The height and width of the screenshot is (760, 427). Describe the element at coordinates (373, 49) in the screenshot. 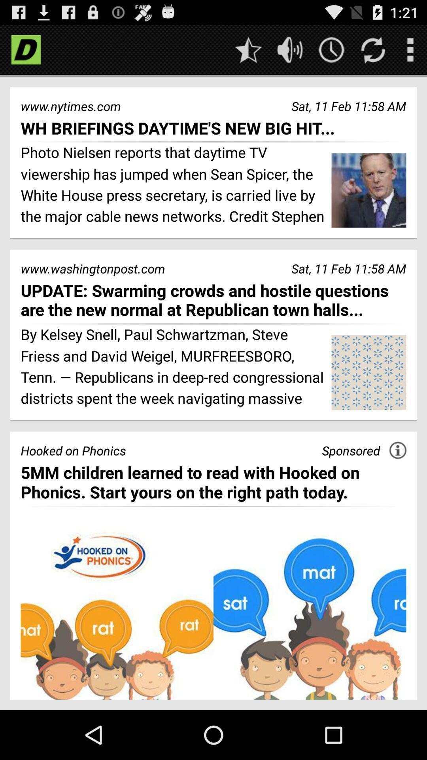

I see `refresh page` at that location.